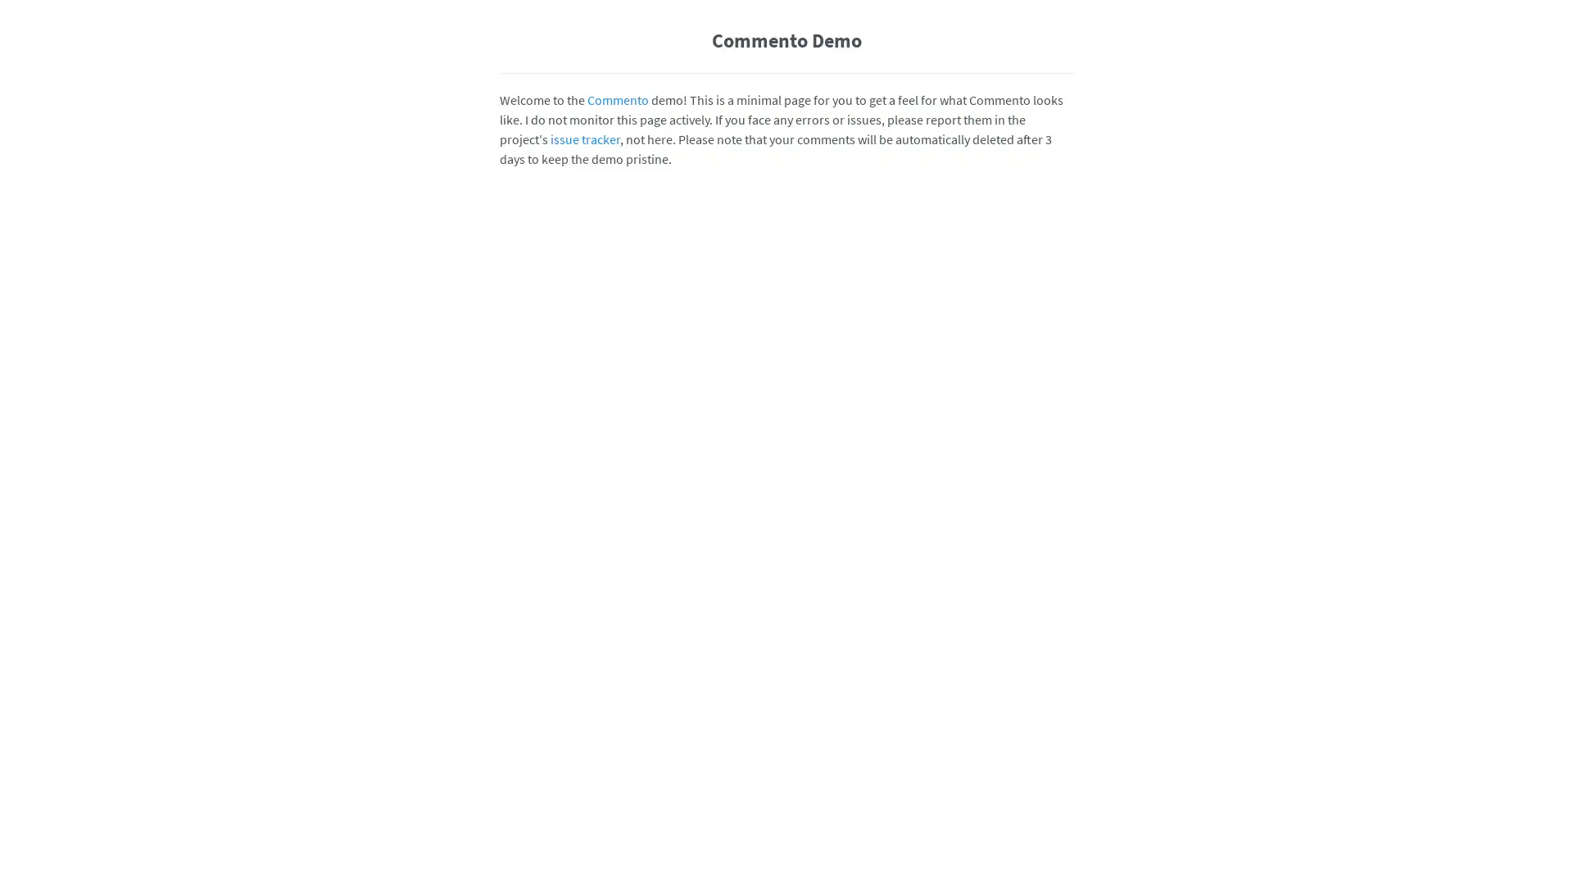  What do you see at coordinates (958, 451) in the screenshot?
I see `This comment has been stickied` at bounding box center [958, 451].